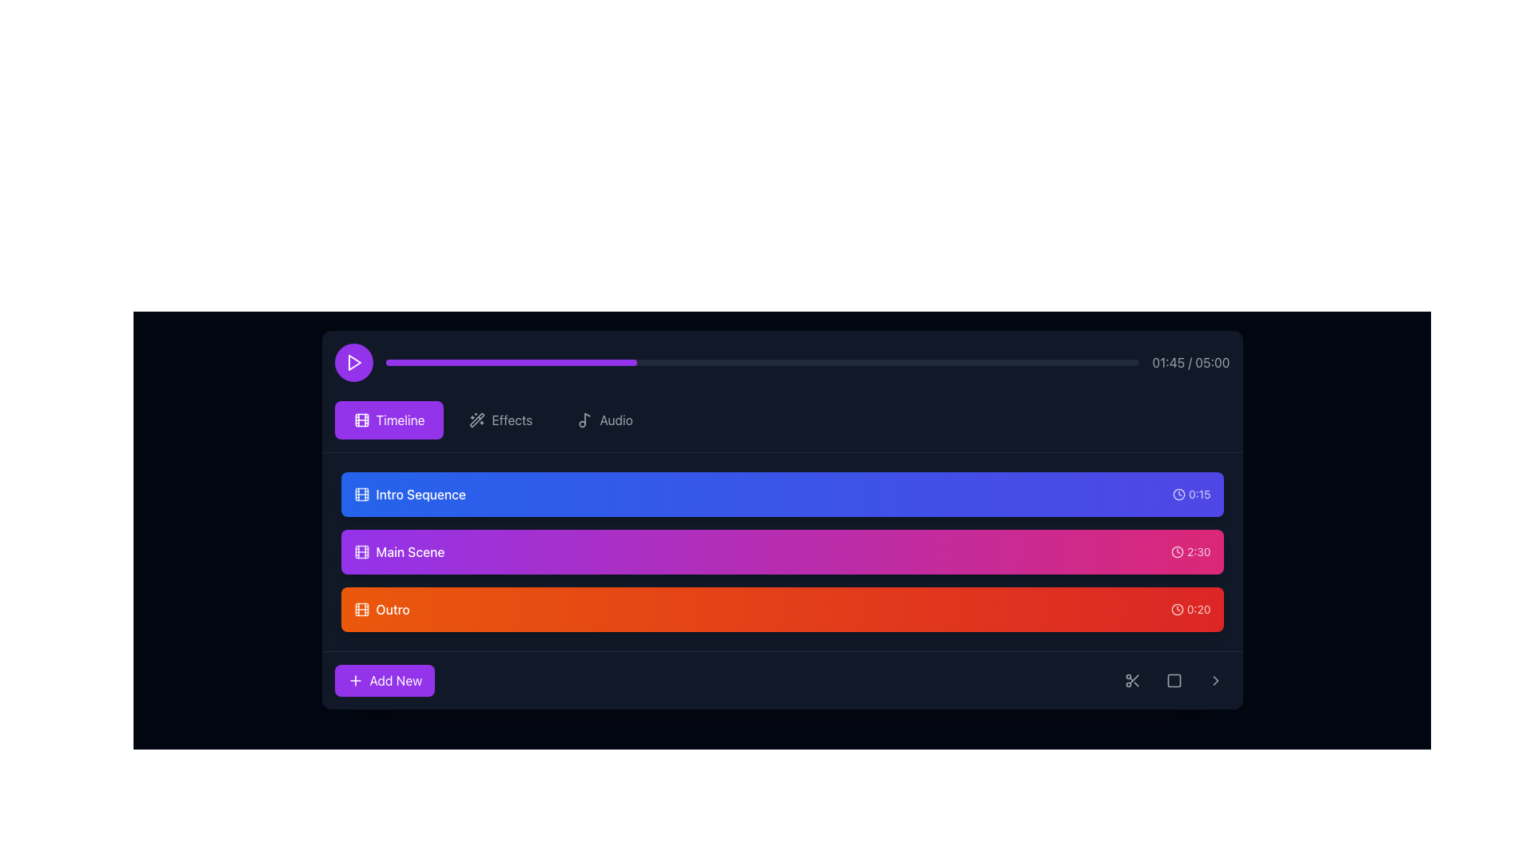  I want to click on the 'Effects' icon located in the top navigation bar, so click(476, 419).